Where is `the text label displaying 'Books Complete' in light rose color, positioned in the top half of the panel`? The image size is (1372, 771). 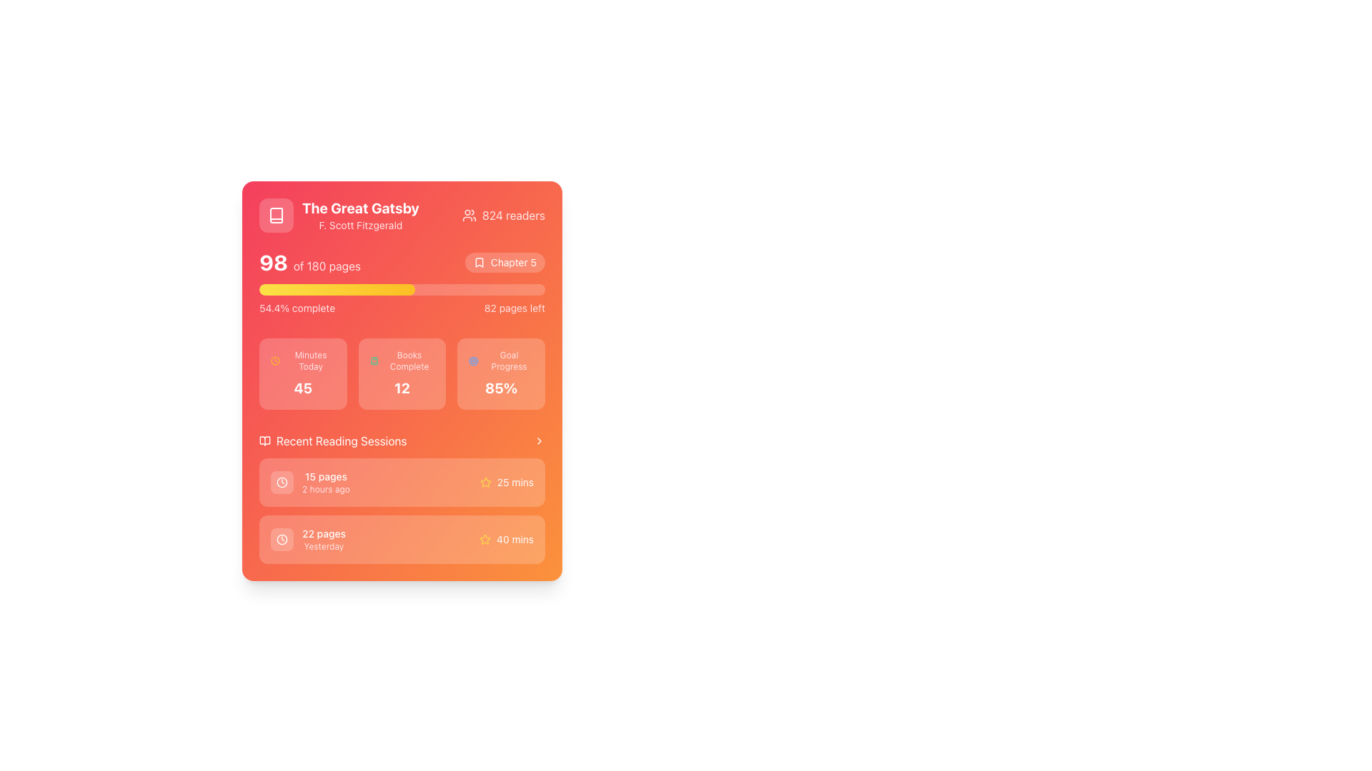 the text label displaying 'Books Complete' in light rose color, positioned in the top half of the panel is located at coordinates (409, 360).